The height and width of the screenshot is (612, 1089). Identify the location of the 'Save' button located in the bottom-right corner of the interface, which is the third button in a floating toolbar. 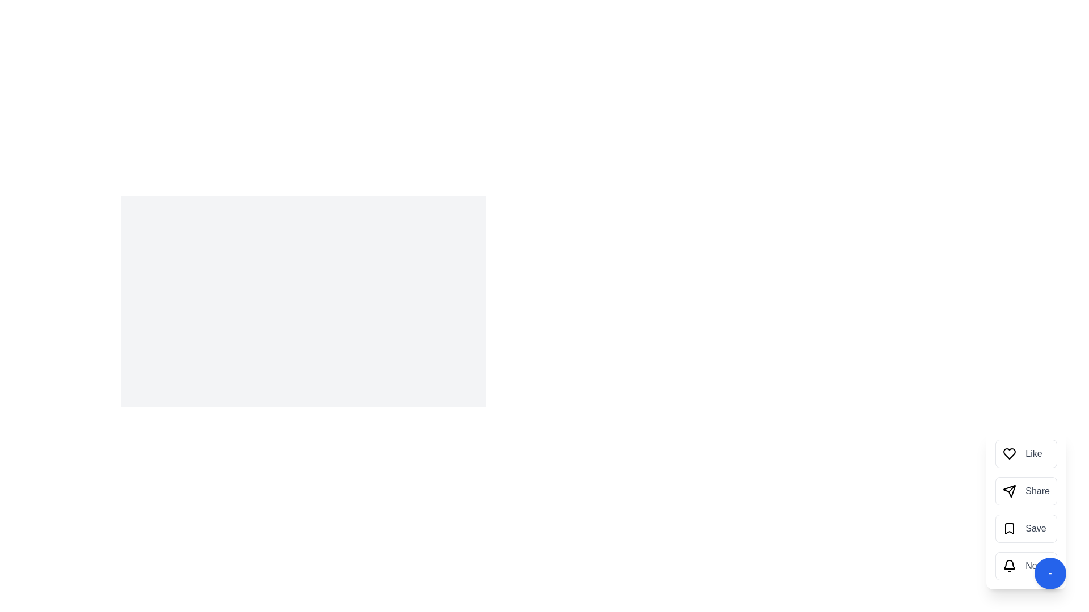
(1026, 509).